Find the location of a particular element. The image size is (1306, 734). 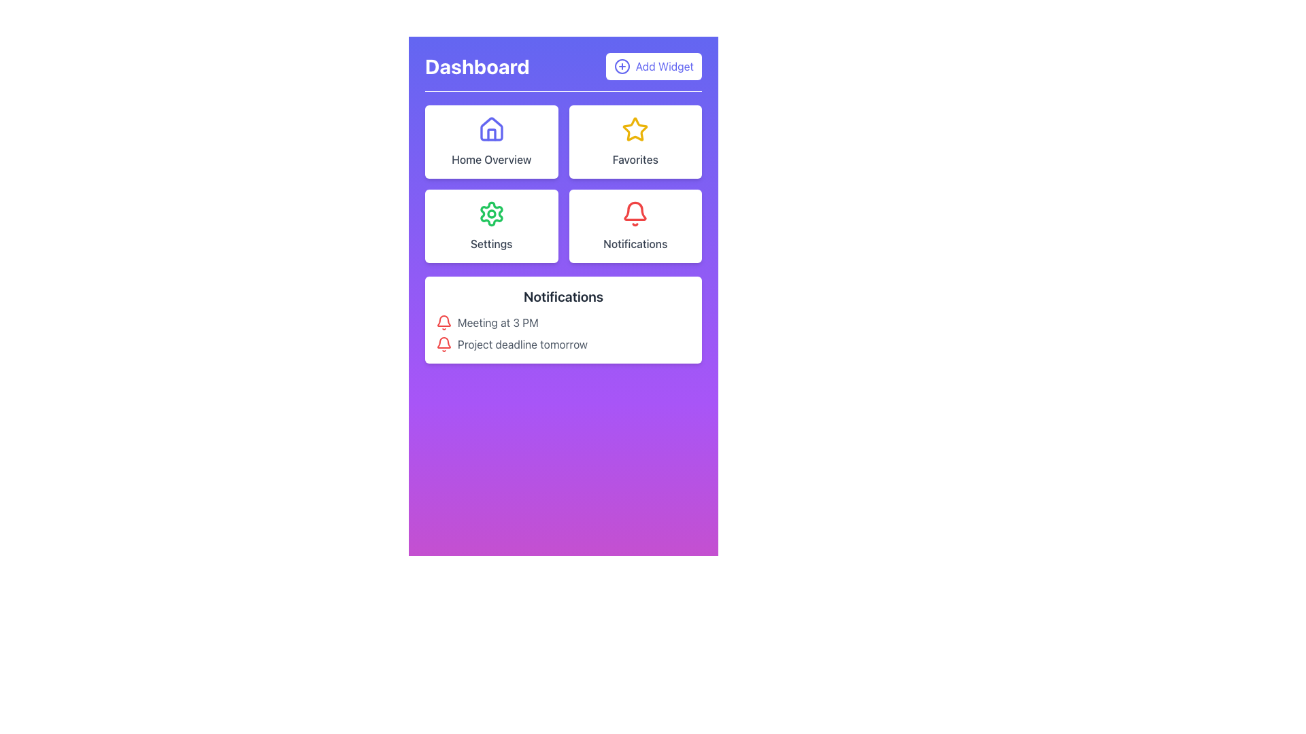

the notification list item displaying the text 'Project deadline tomorrow', which is the second item in the Notifications list, by clicking on it to interact with surrounding elements is located at coordinates (563, 343).